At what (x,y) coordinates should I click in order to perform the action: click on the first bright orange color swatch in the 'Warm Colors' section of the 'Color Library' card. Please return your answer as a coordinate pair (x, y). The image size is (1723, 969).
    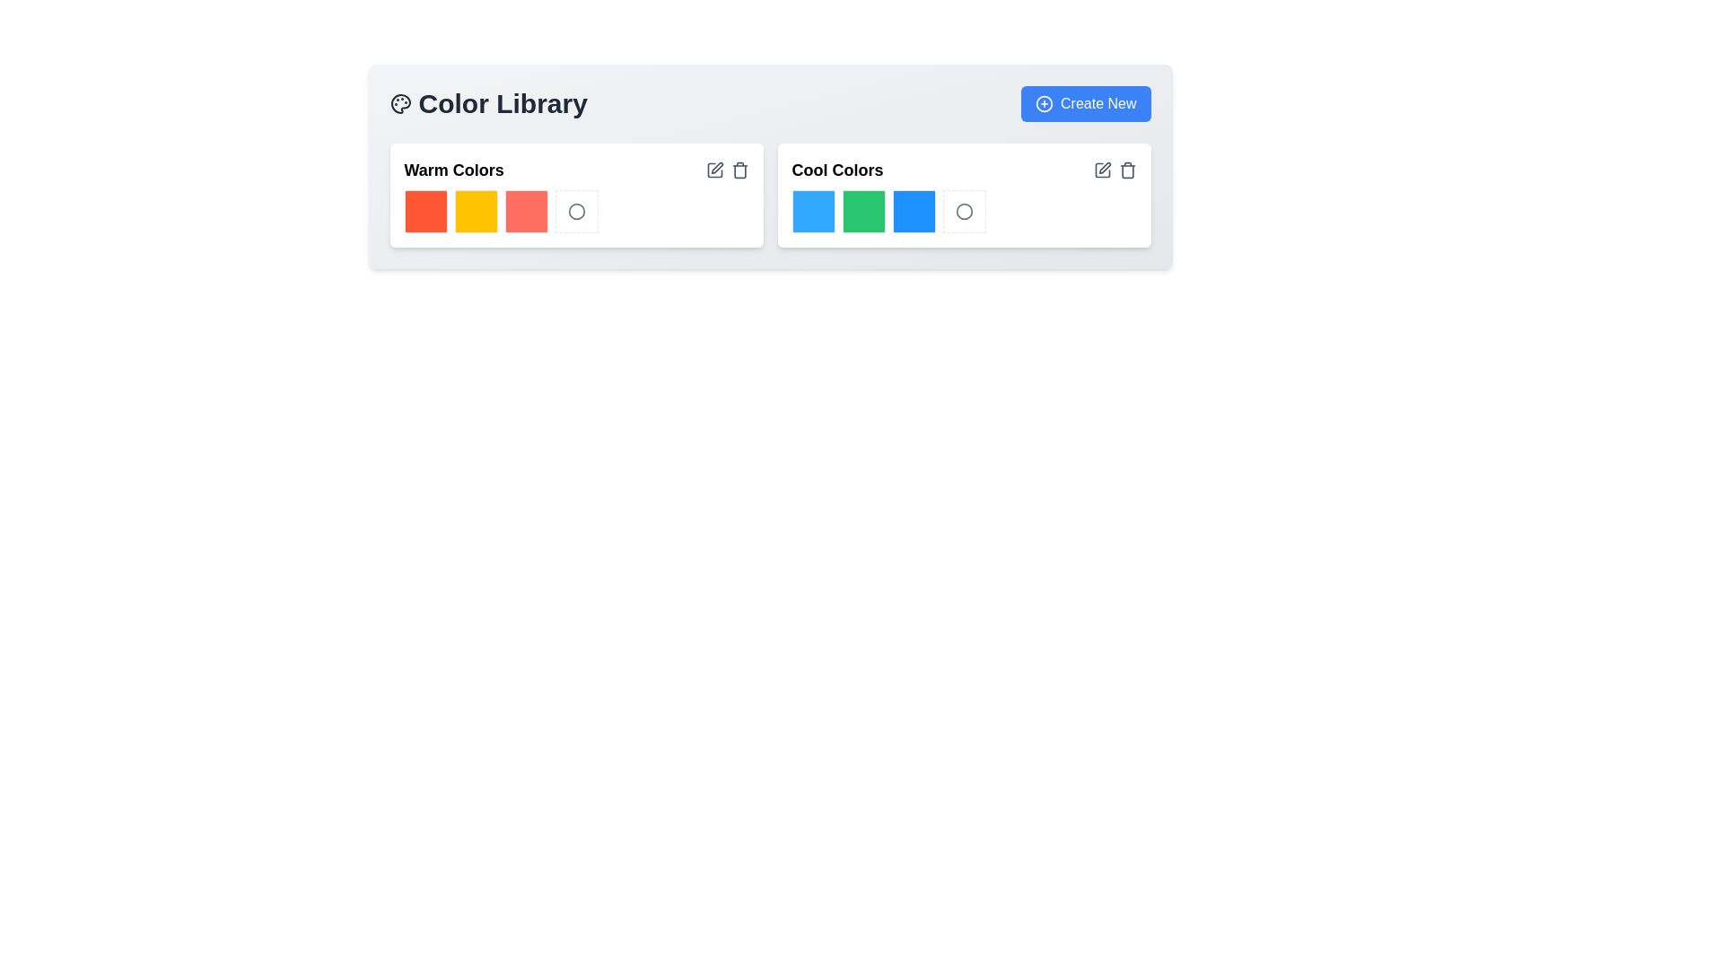
    Looking at the image, I should click on (424, 210).